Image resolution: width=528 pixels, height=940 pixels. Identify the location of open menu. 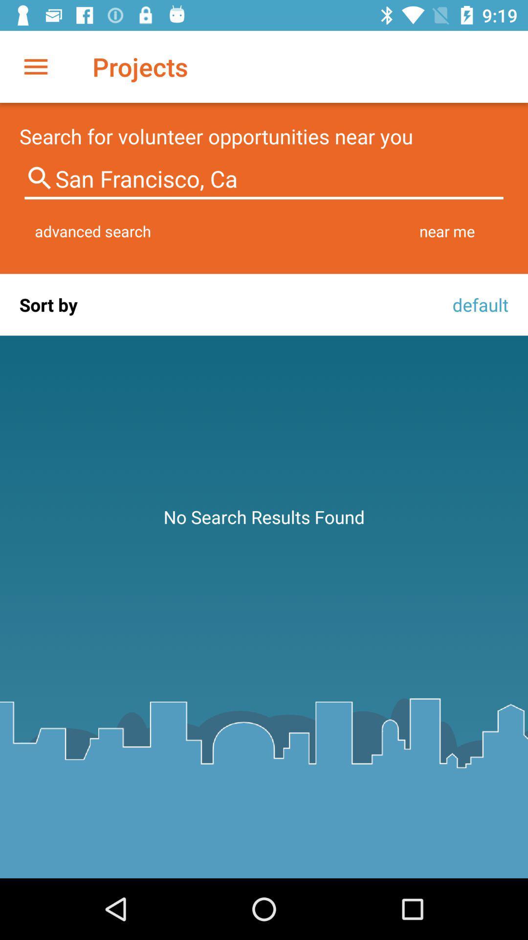
(35, 66).